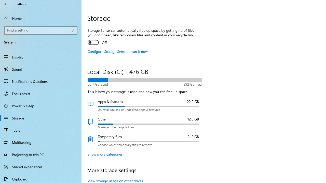 The height and width of the screenshot is (183, 326). I want to click on 'Show more categories', so click(105, 154).